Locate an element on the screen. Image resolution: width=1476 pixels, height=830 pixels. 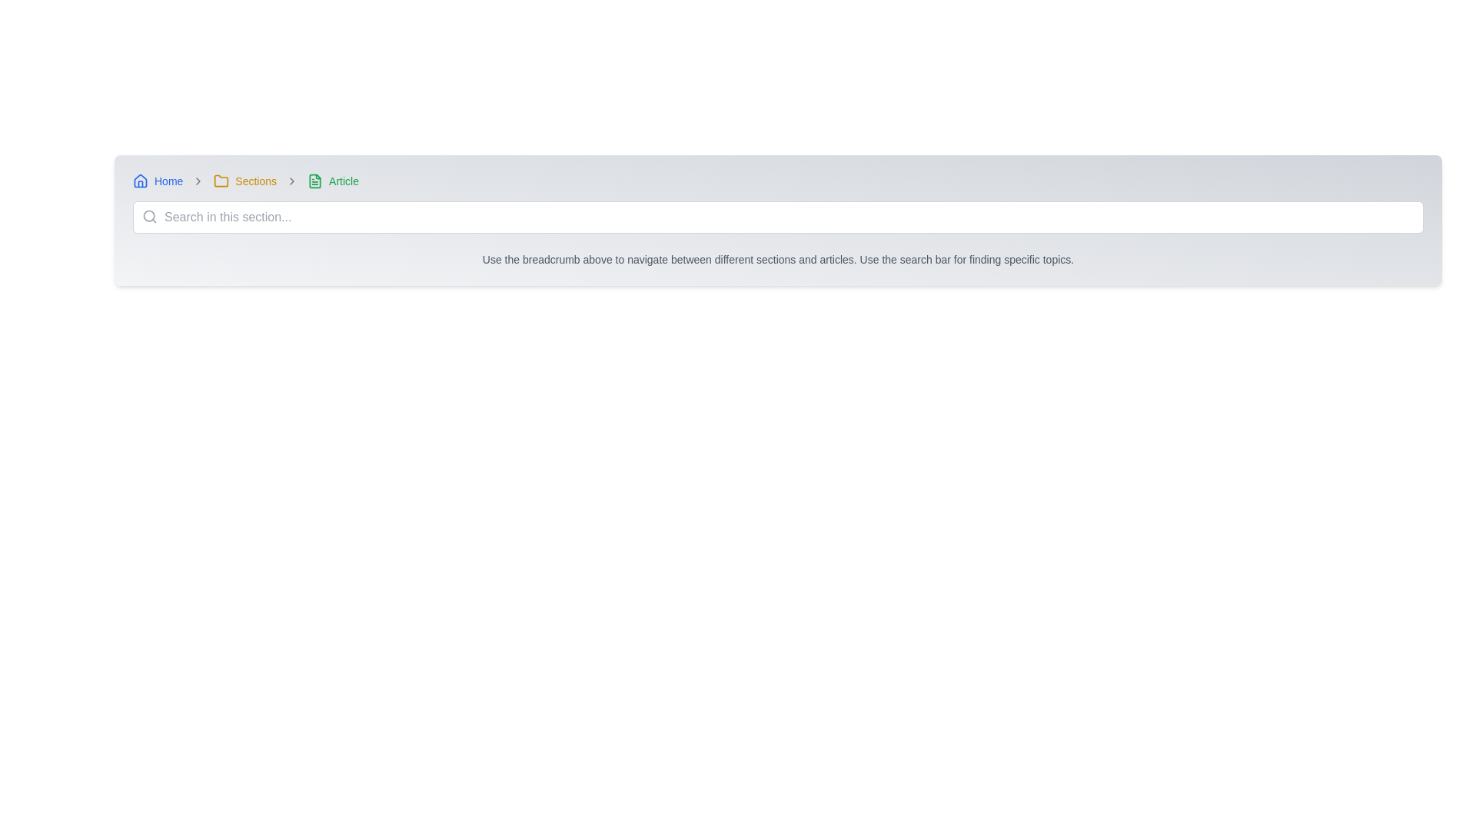
the file or document indicator icon located in the breadcrumb navigation bar, to the left of the 'Article' text label is located at coordinates (314, 180).